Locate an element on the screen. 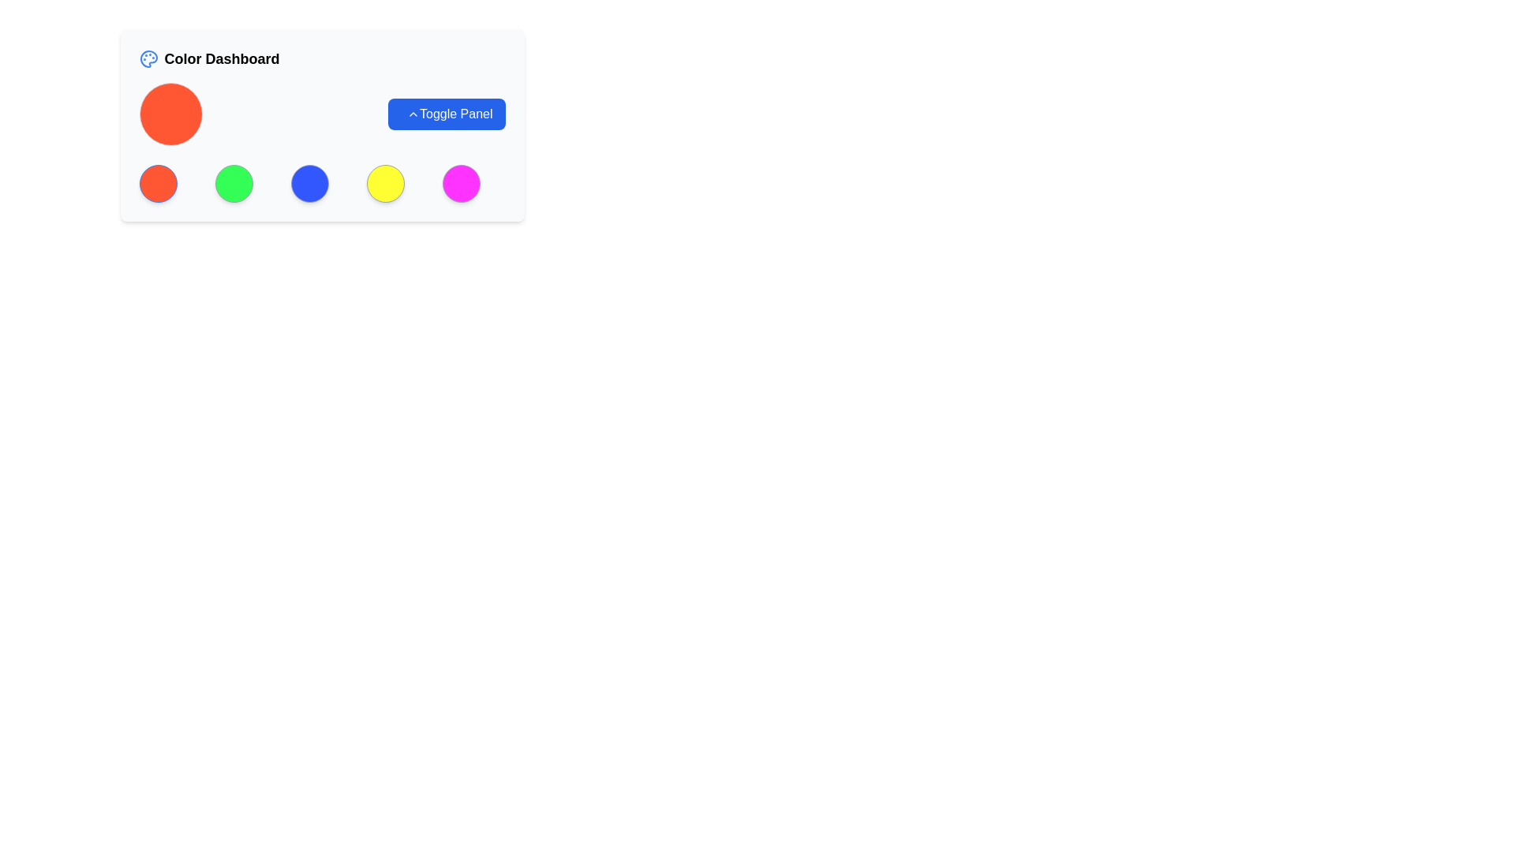 This screenshot has width=1515, height=852. the second circular button with a bright green background and gray border, located in the Color Dashboard section is located at coordinates (233, 182).